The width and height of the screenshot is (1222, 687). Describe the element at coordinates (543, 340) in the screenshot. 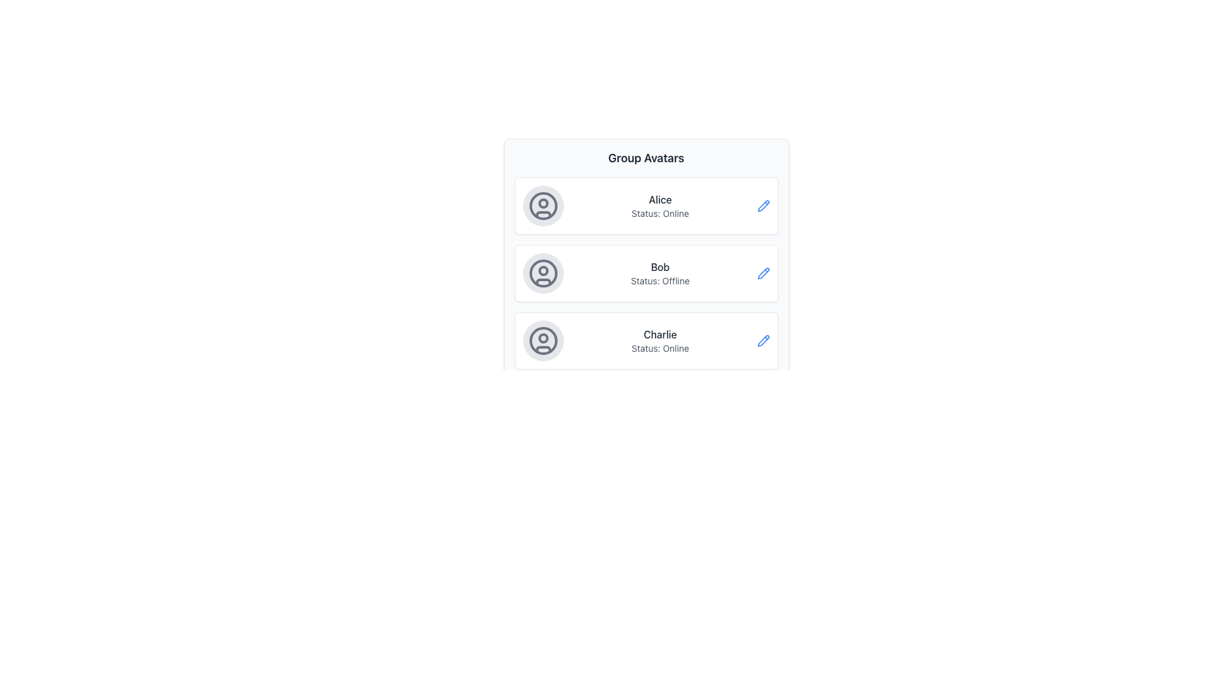

I see `the circular SVG graphic element representing the user profile for 'Charlie', which is the third user icon in the vertical list of user profiles` at that location.